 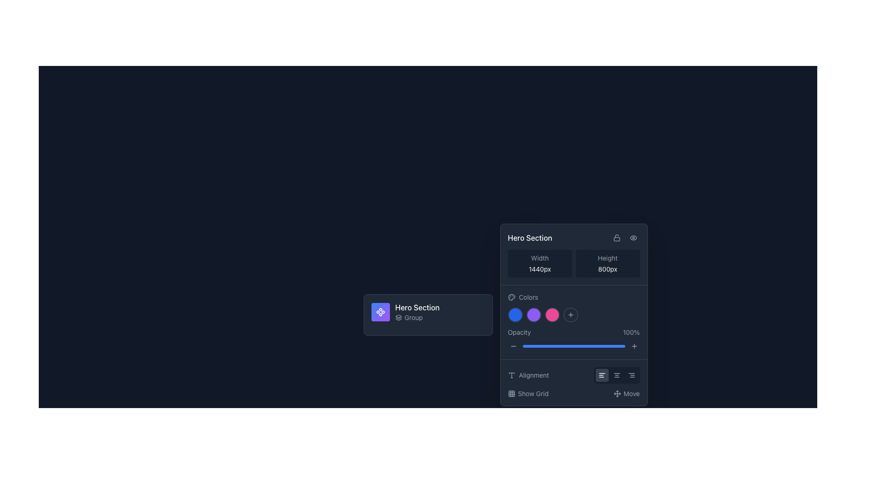 I want to click on the Icon button located at the bottom-right of the visible section, so click(x=634, y=346).